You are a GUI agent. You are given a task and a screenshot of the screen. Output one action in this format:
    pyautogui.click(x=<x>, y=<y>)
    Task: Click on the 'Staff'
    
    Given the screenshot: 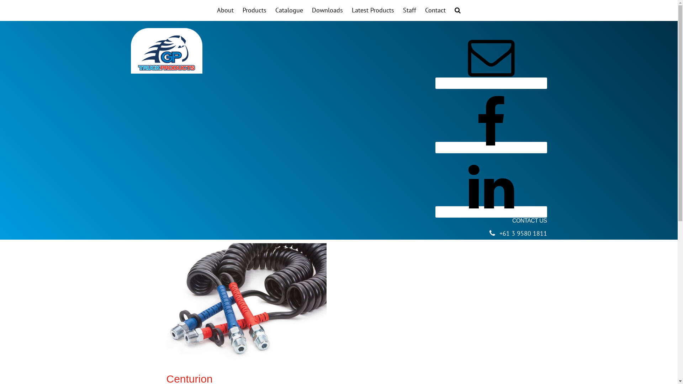 What is the action you would take?
    pyautogui.click(x=409, y=10)
    